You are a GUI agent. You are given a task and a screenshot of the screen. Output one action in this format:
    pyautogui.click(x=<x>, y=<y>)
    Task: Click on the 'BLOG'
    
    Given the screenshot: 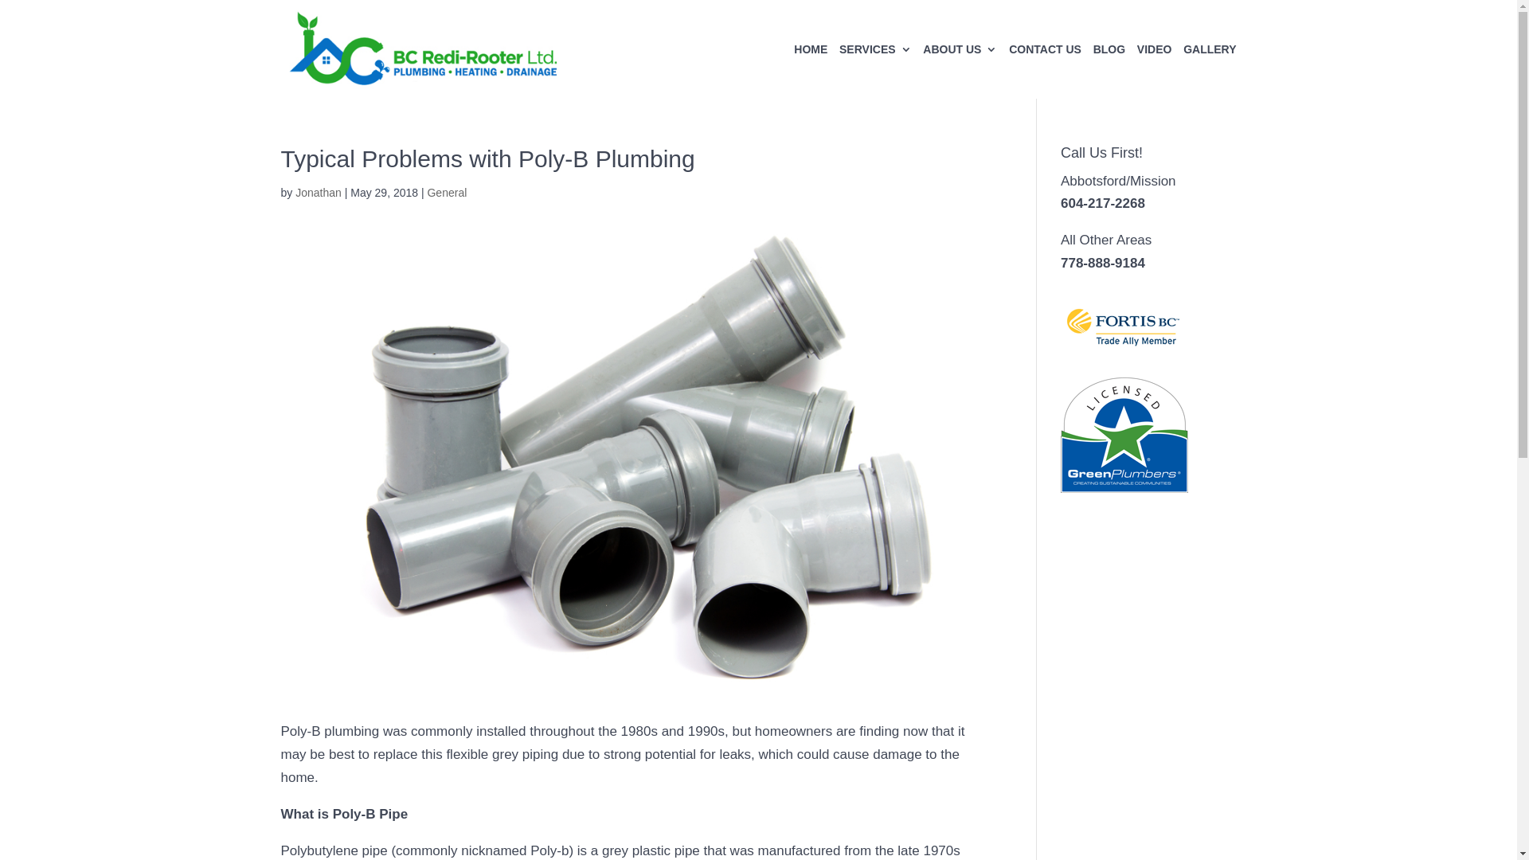 What is the action you would take?
    pyautogui.click(x=1092, y=70)
    